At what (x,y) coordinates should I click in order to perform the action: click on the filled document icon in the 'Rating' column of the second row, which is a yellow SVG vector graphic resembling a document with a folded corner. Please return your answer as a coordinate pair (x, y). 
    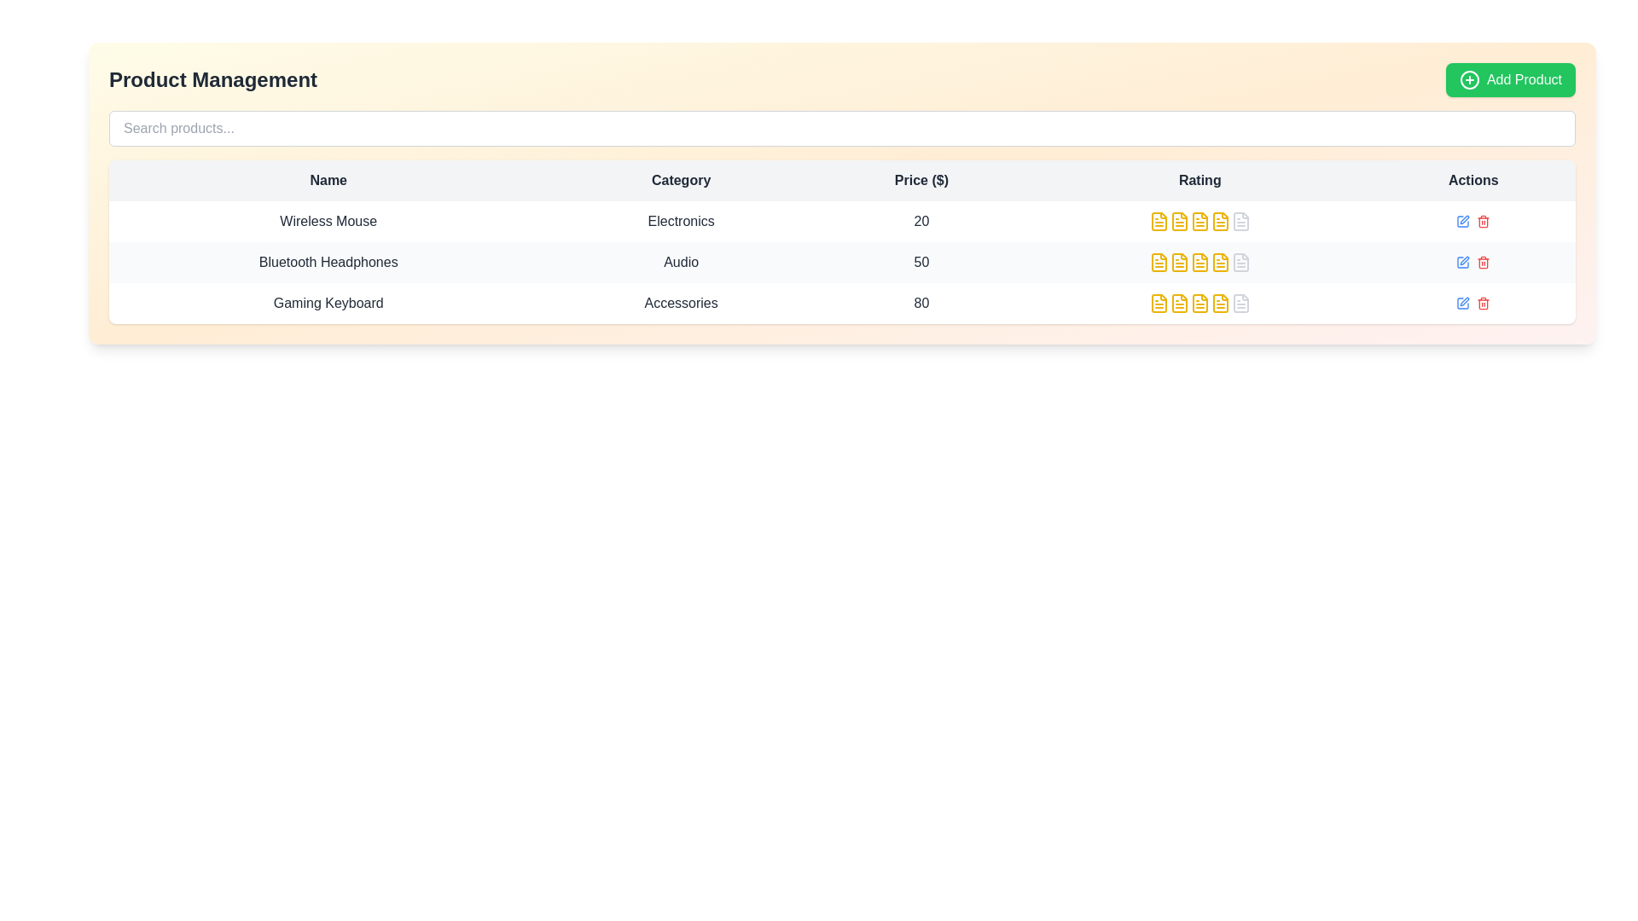
    Looking at the image, I should click on (1178, 220).